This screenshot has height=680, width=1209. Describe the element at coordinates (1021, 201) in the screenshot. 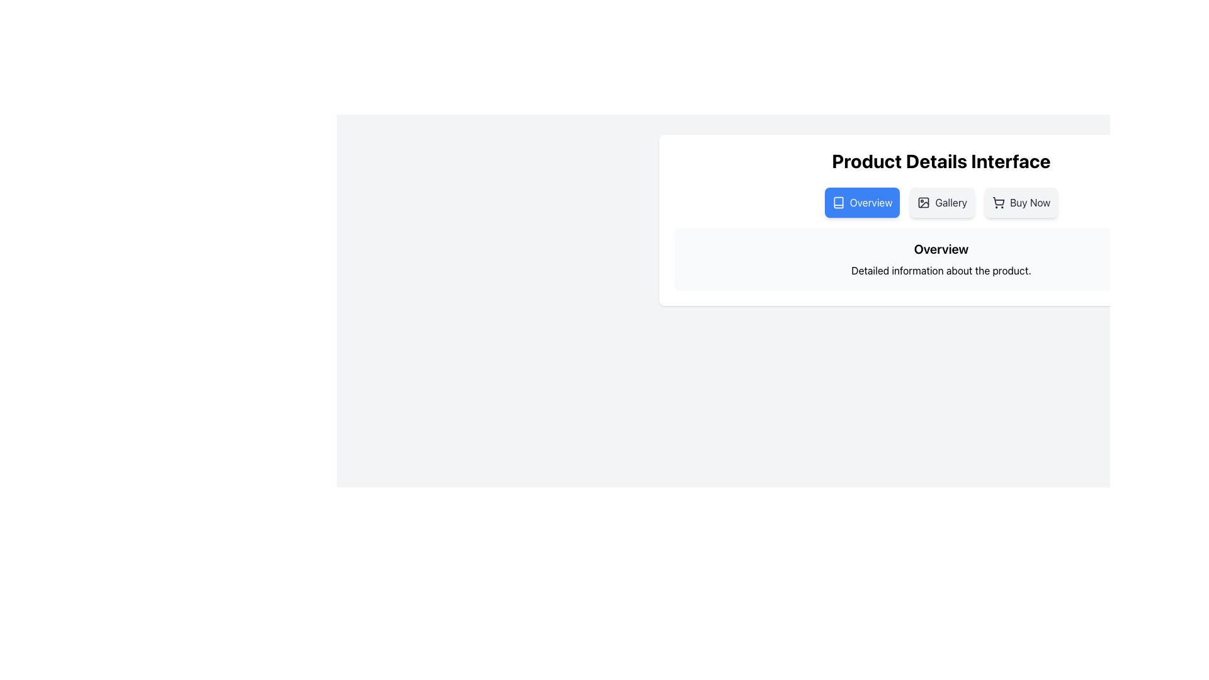

I see `the third button` at that location.